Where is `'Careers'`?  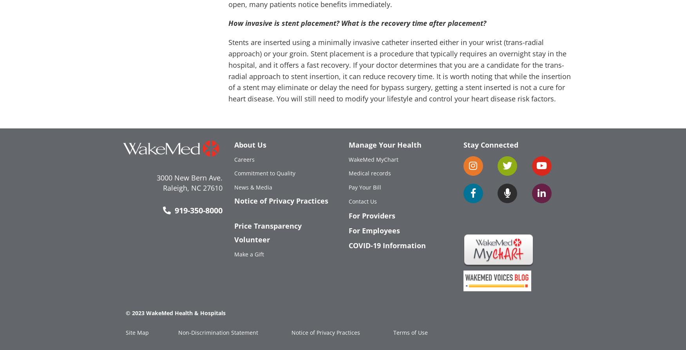
'Careers' is located at coordinates (234, 159).